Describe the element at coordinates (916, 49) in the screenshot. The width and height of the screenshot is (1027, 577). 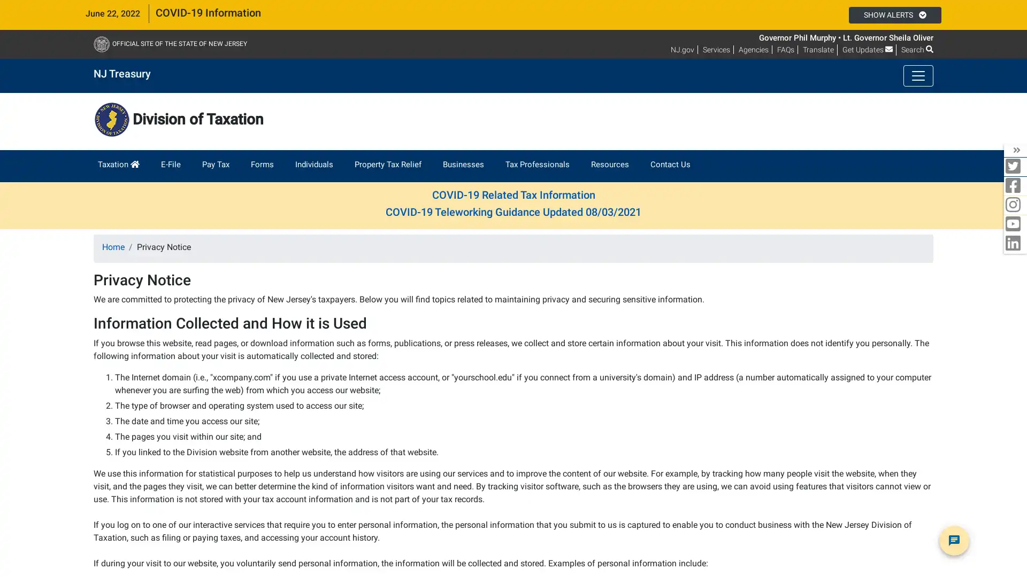
I see `Search` at that location.